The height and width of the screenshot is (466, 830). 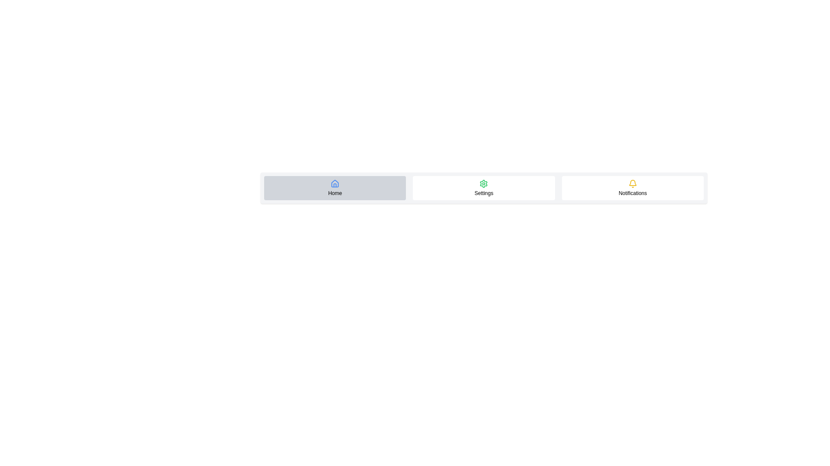 I want to click on the blue outlined house icon located within the 'Home' button in the navigation bar, so click(x=335, y=183).